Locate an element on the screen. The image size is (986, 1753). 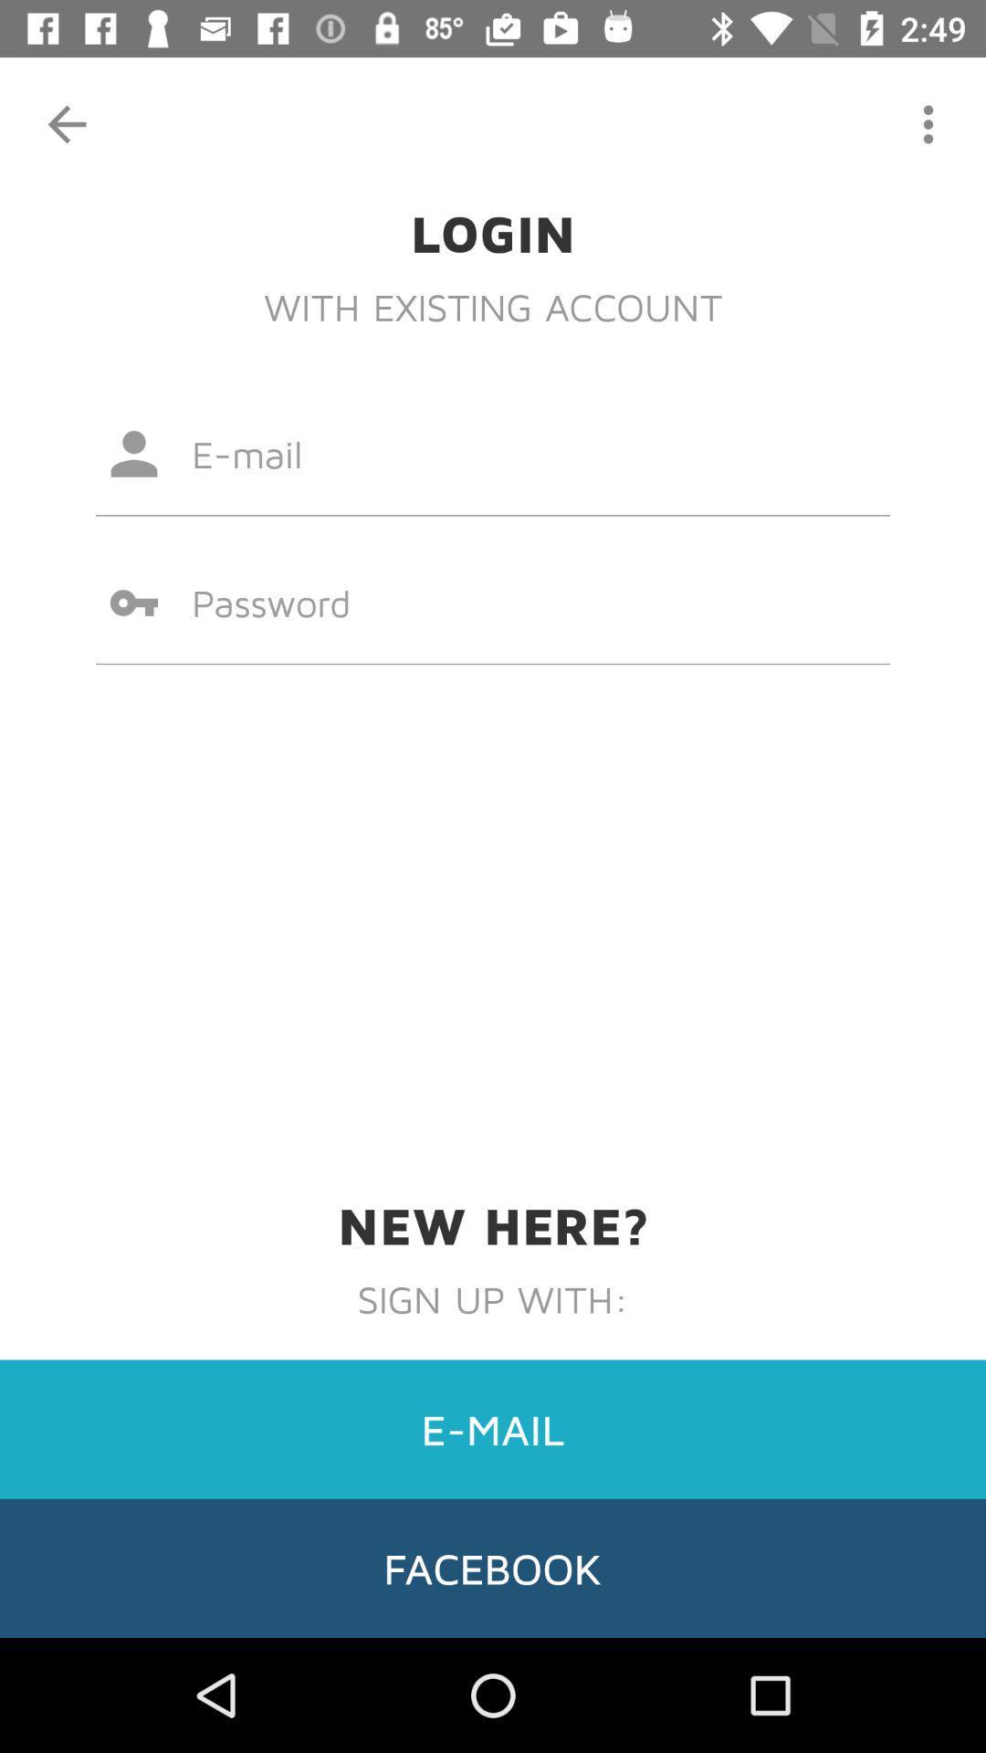
the icon at the top right corner is located at coordinates (928, 123).